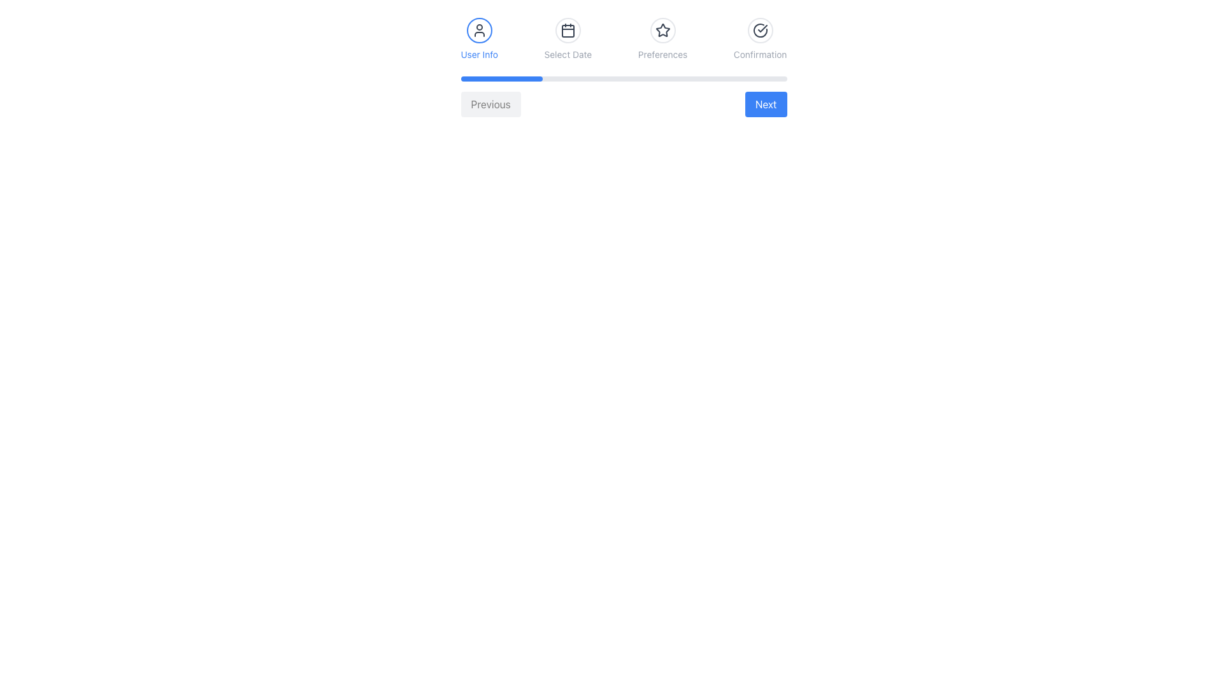 The width and height of the screenshot is (1223, 688). Describe the element at coordinates (624, 78) in the screenshot. I see `the horizontally elongated progress bar with a light gray background and blue segment, located centrally below the navigation bar and above the Previous and Next buttons` at that location.